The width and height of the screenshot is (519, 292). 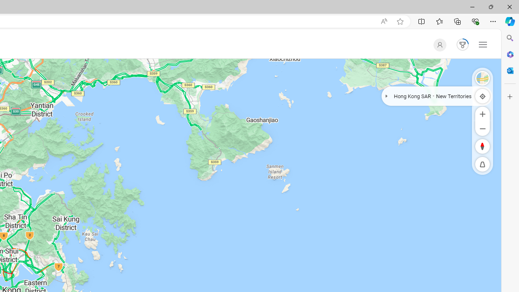 What do you see at coordinates (483, 78) in the screenshot?
I see `'Select Style'` at bounding box center [483, 78].